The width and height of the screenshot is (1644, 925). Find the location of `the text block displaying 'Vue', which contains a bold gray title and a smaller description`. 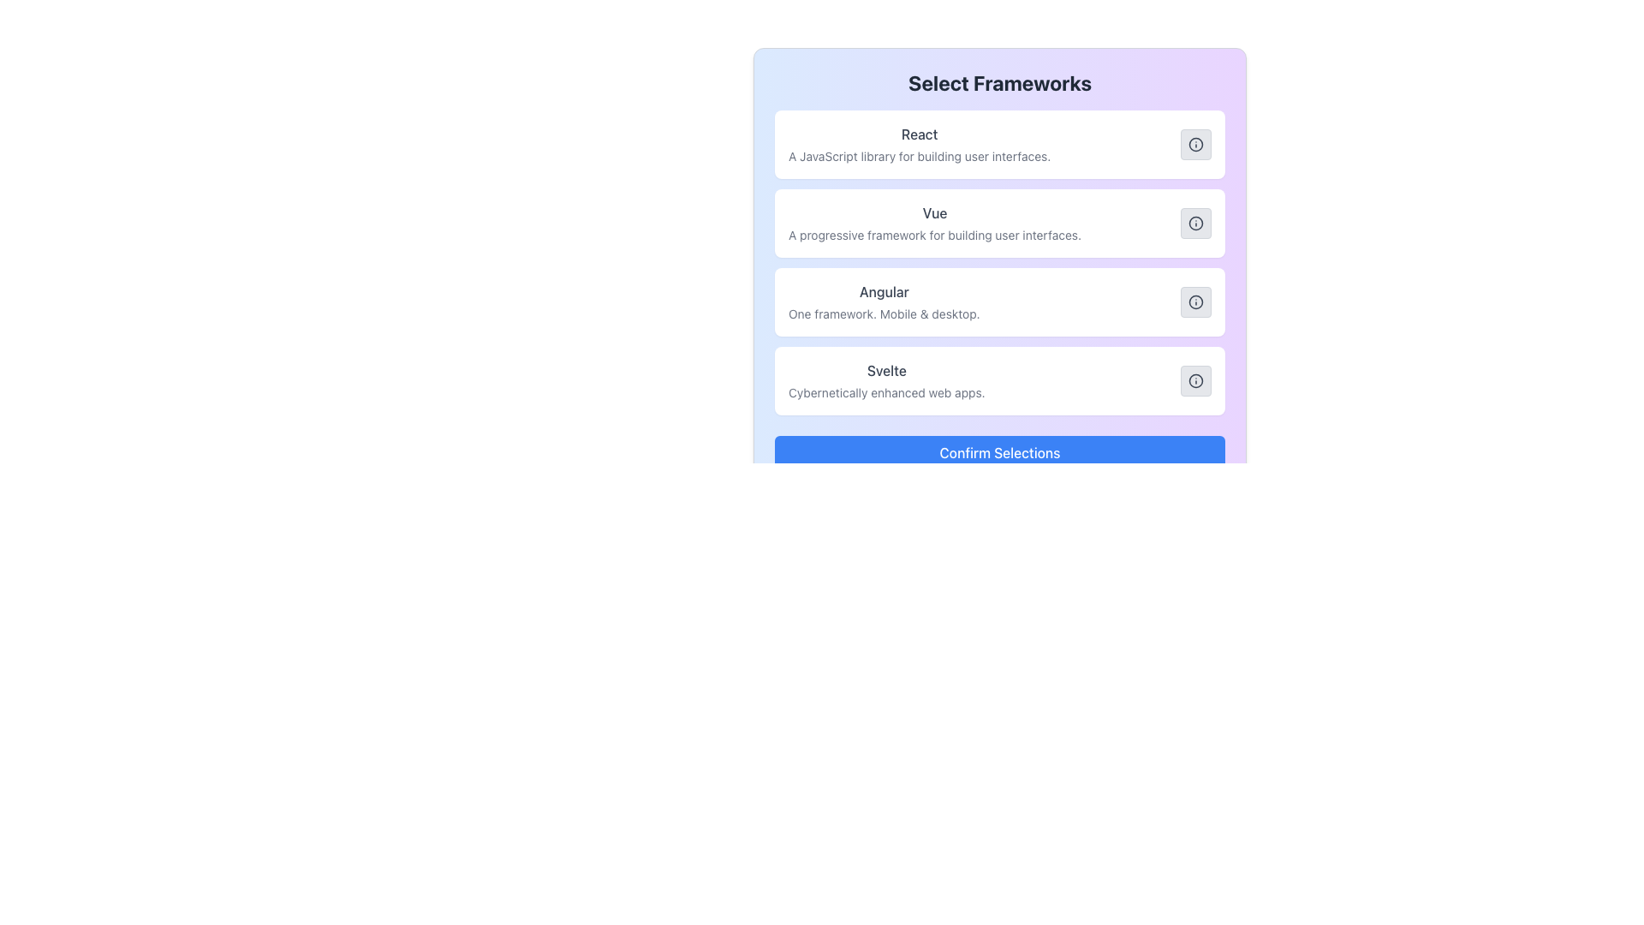

the text block displaying 'Vue', which contains a bold gray title and a smaller description is located at coordinates (934, 223).